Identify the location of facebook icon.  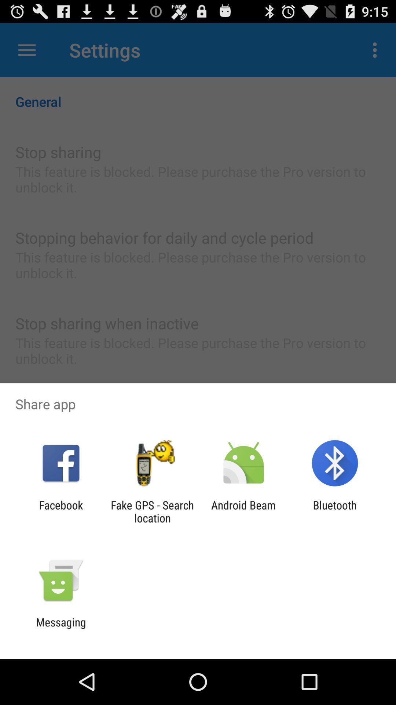
(60, 511).